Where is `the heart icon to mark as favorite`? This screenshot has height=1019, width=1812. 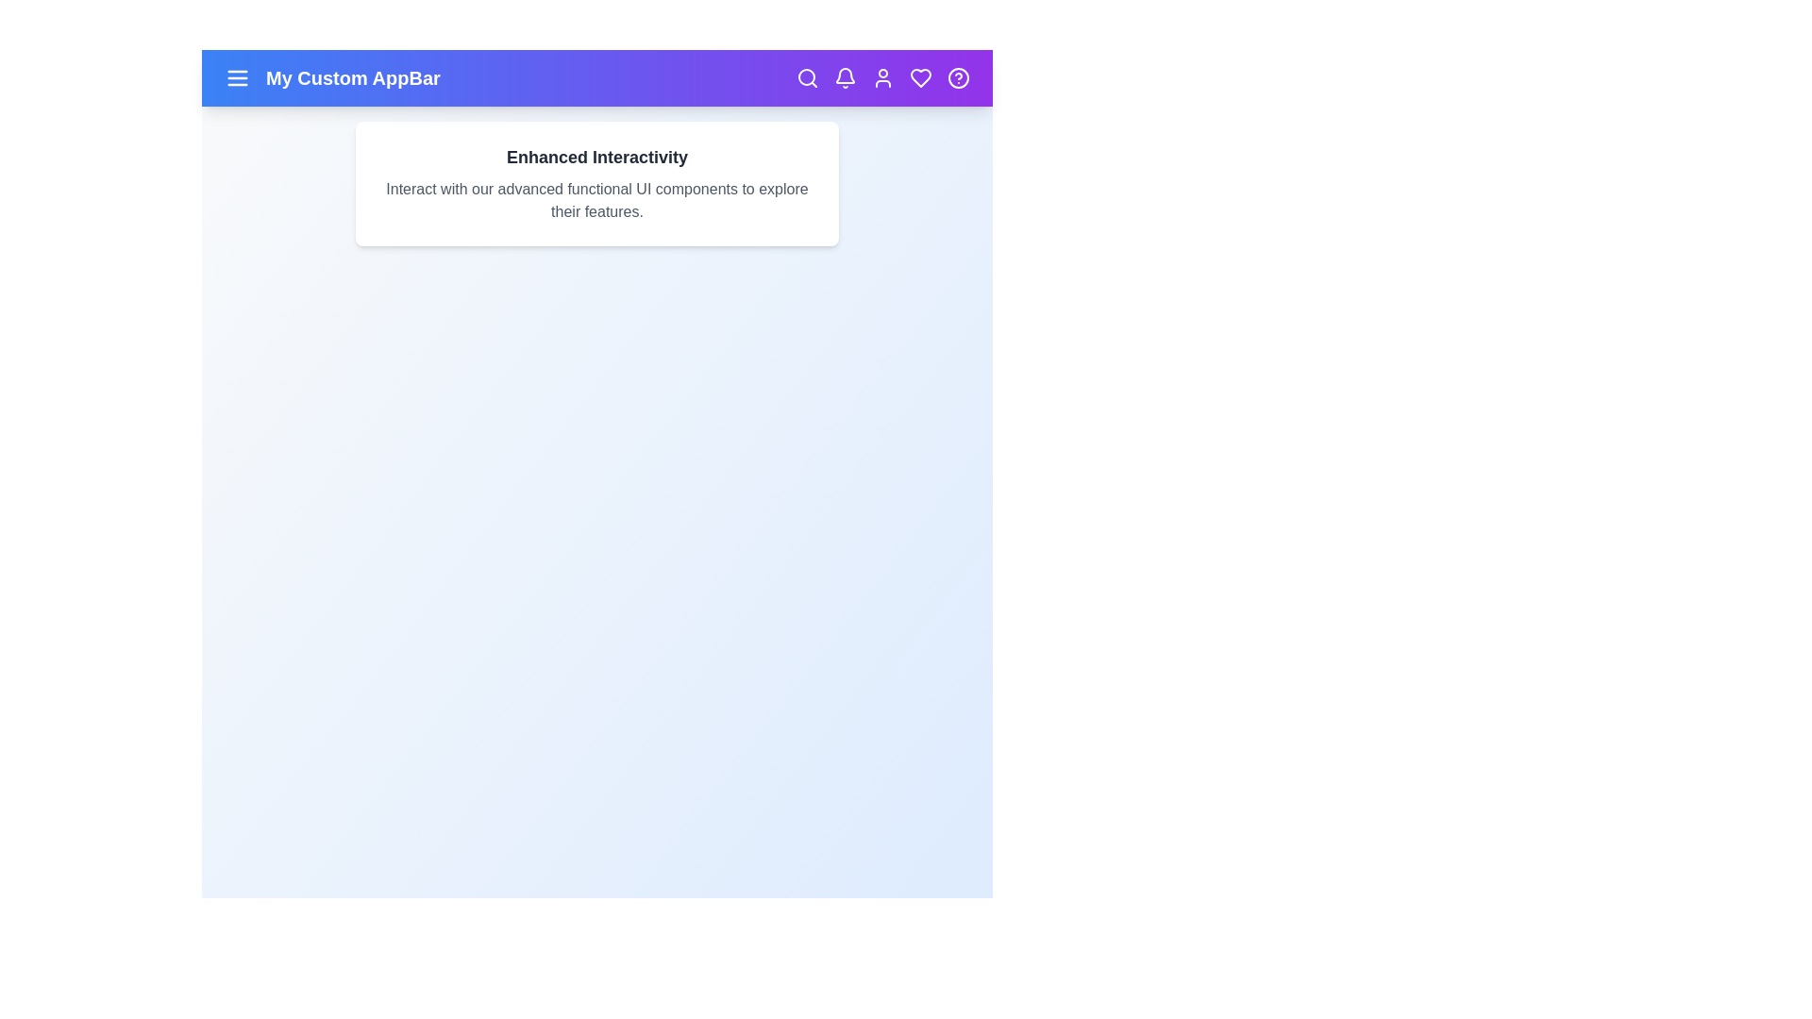
the heart icon to mark as favorite is located at coordinates (920, 77).